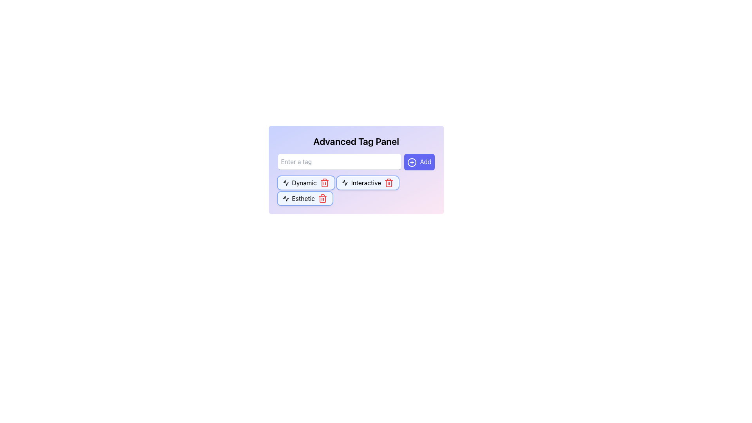 The width and height of the screenshot is (752, 423). I want to click on the button adjacent to the input field in the 'Advanced Tag Panel' group, which allows users to add tags to a list, so click(356, 161).